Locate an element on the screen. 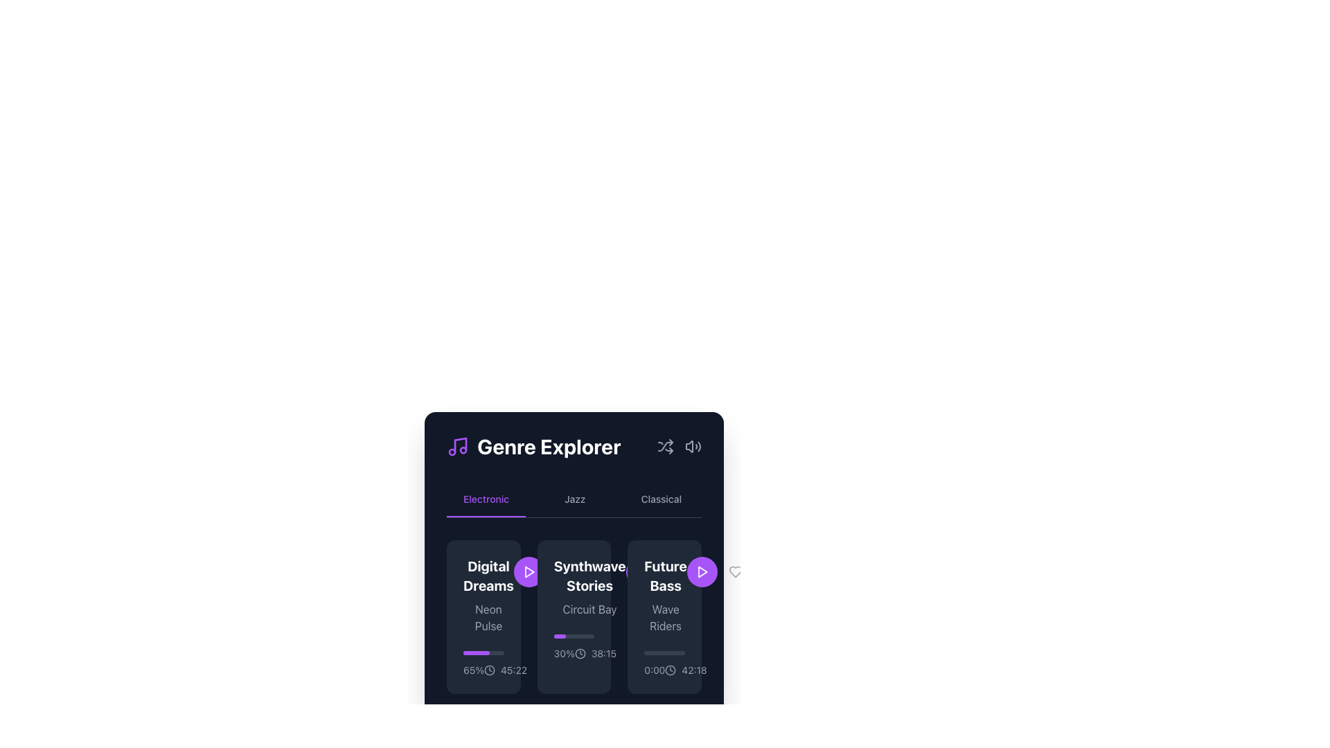 This screenshot has height=748, width=1330. the informational card representing a specific item in the 'Genre Explorer' section is located at coordinates (484, 616).